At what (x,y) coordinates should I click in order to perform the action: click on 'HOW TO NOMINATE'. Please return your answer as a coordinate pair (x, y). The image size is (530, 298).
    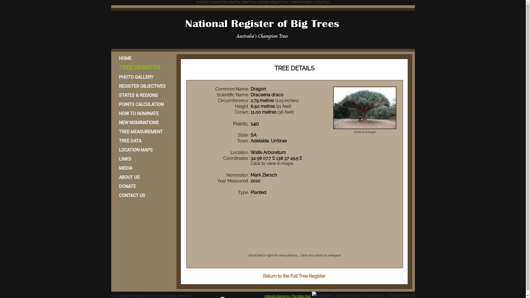
    Looking at the image, I should click on (143, 113).